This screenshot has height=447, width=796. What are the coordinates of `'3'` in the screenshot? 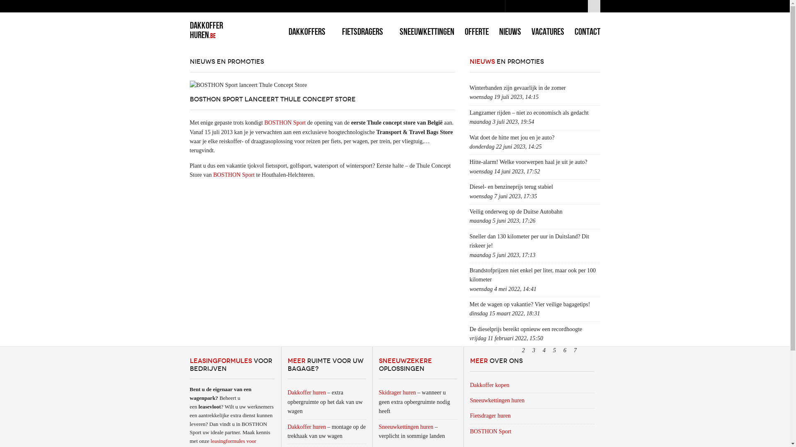 It's located at (534, 351).